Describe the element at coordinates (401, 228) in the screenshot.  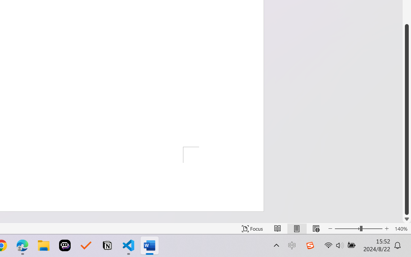
I see `'Zoom 140%'` at that location.